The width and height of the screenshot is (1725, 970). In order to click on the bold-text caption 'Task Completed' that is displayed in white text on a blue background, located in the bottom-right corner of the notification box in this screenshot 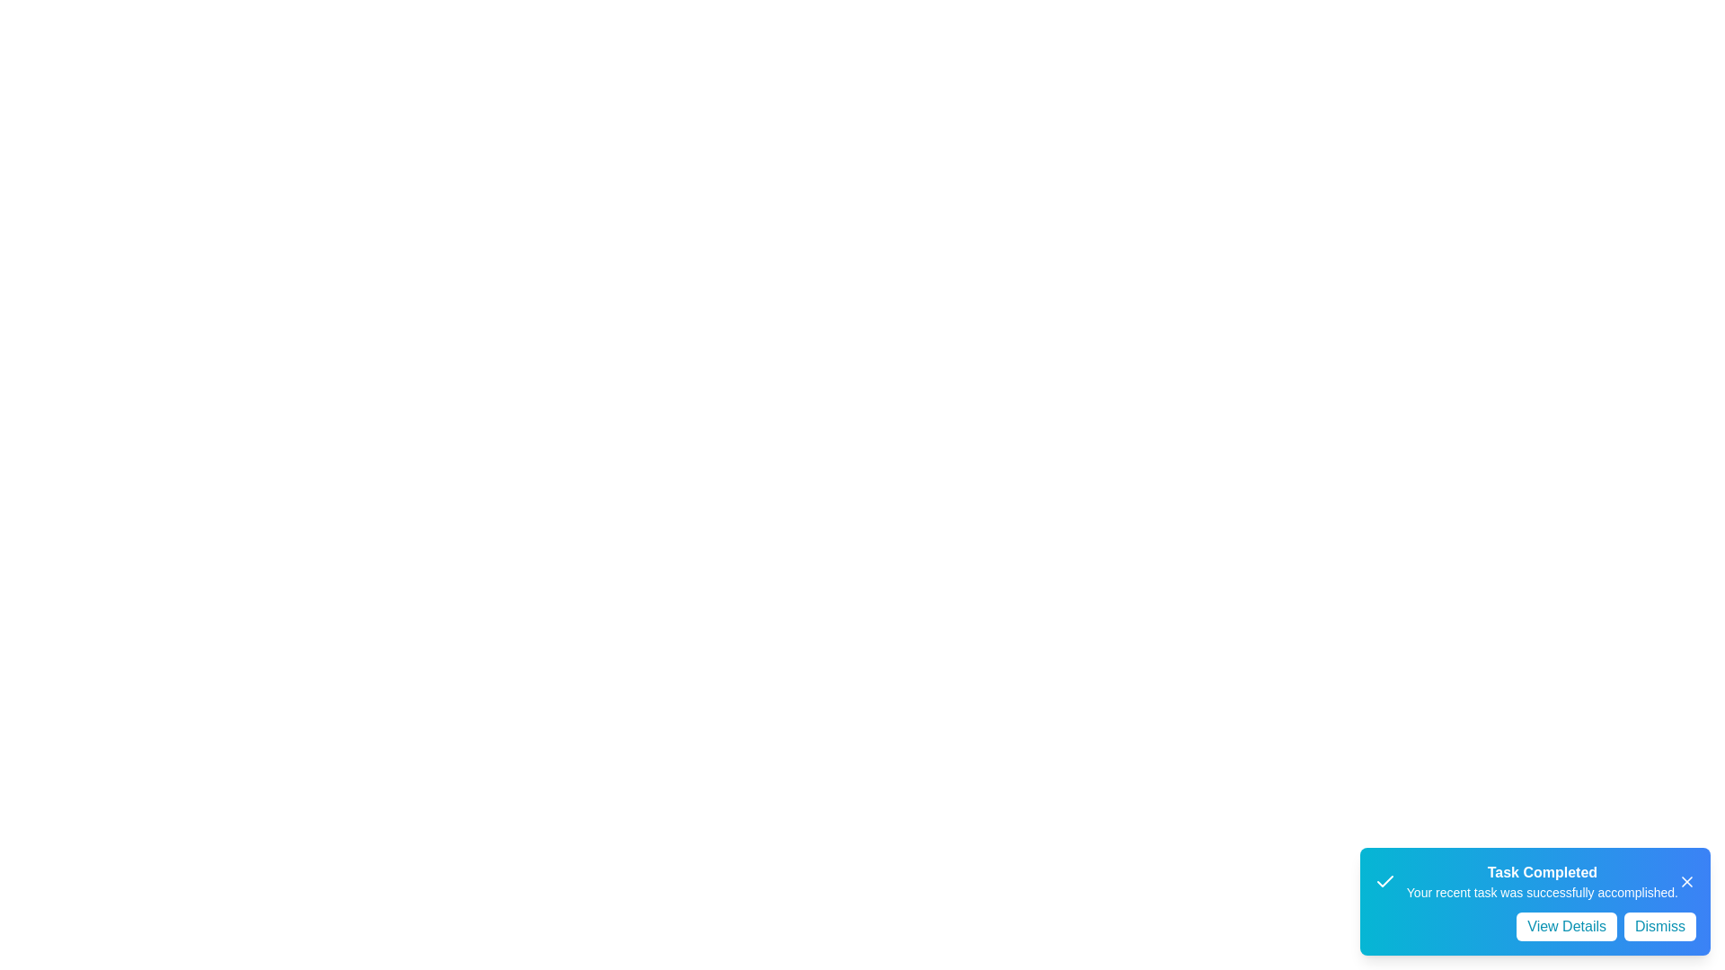, I will do `click(1541, 872)`.